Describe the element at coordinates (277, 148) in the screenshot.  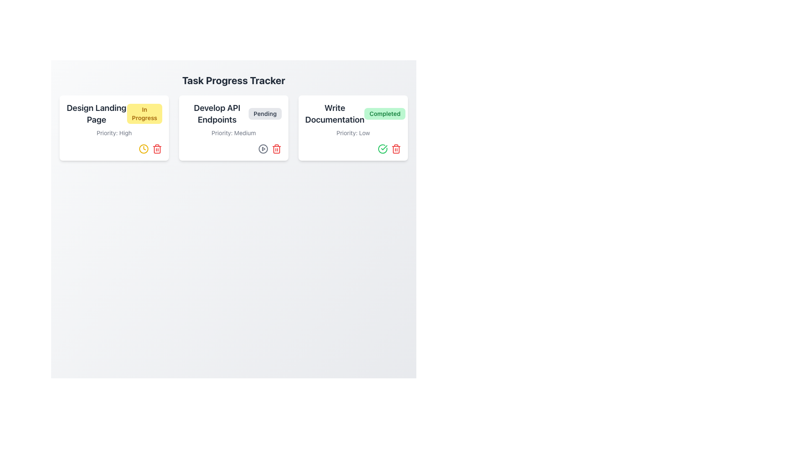
I see `the red trashcan icon button` at that location.